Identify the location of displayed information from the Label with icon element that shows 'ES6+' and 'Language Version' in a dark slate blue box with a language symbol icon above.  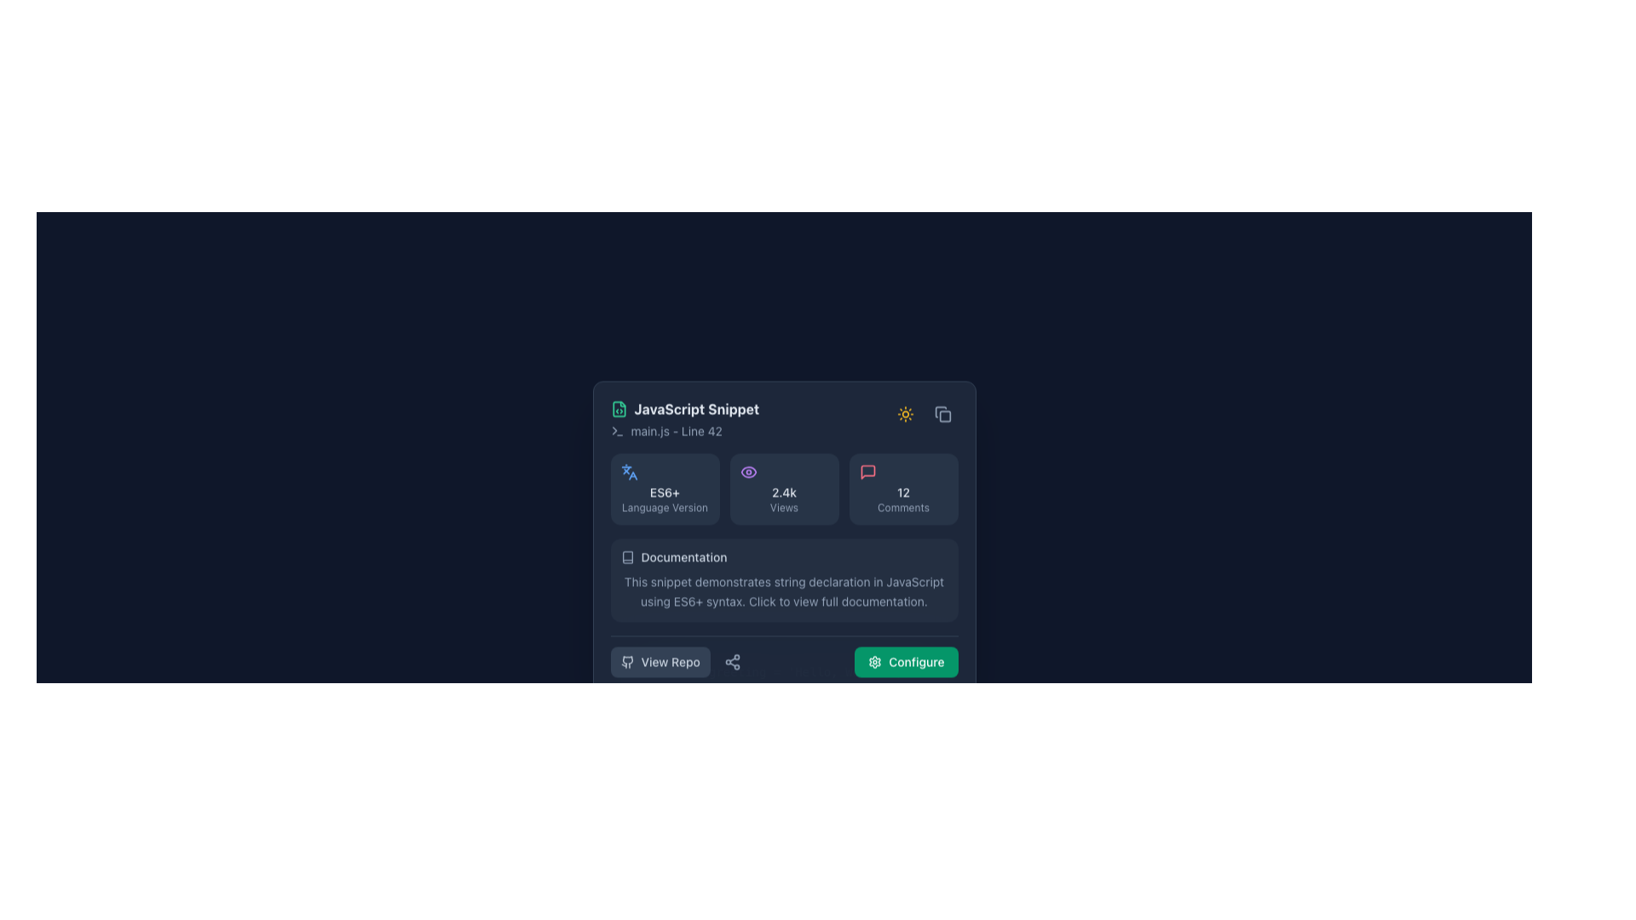
(664, 489).